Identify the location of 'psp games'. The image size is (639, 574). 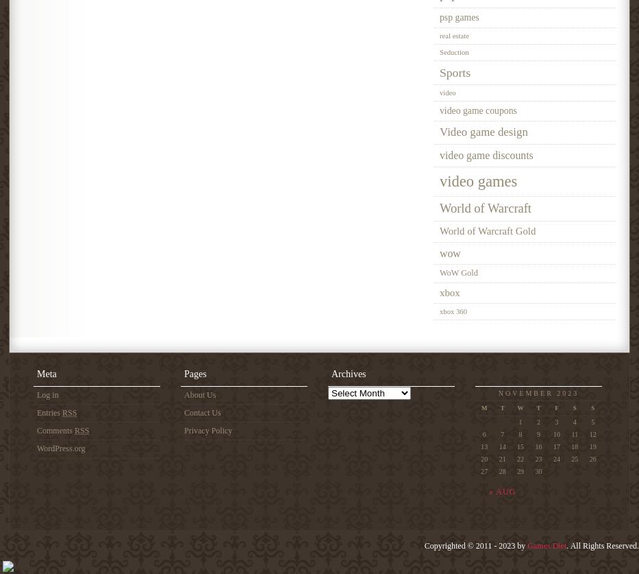
(458, 16).